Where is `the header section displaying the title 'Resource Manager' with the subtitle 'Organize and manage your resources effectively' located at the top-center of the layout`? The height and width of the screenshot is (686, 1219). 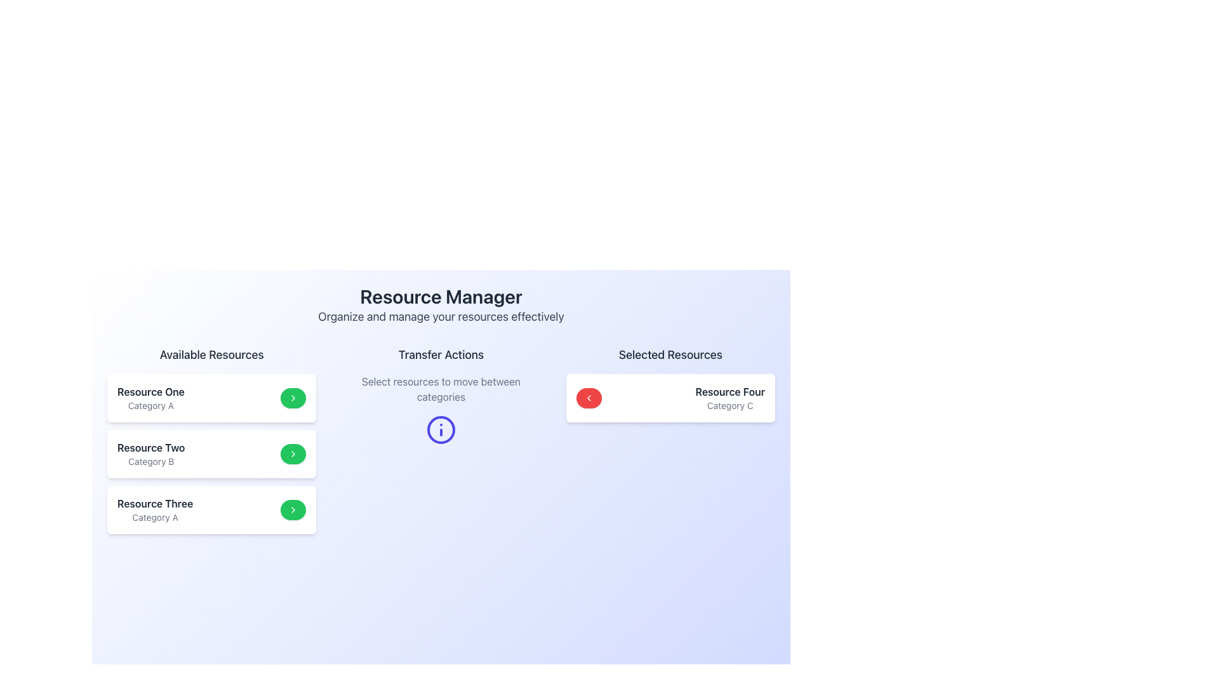
the header section displaying the title 'Resource Manager' with the subtitle 'Organize and manage your resources effectively' located at the top-center of the layout is located at coordinates (441, 306).